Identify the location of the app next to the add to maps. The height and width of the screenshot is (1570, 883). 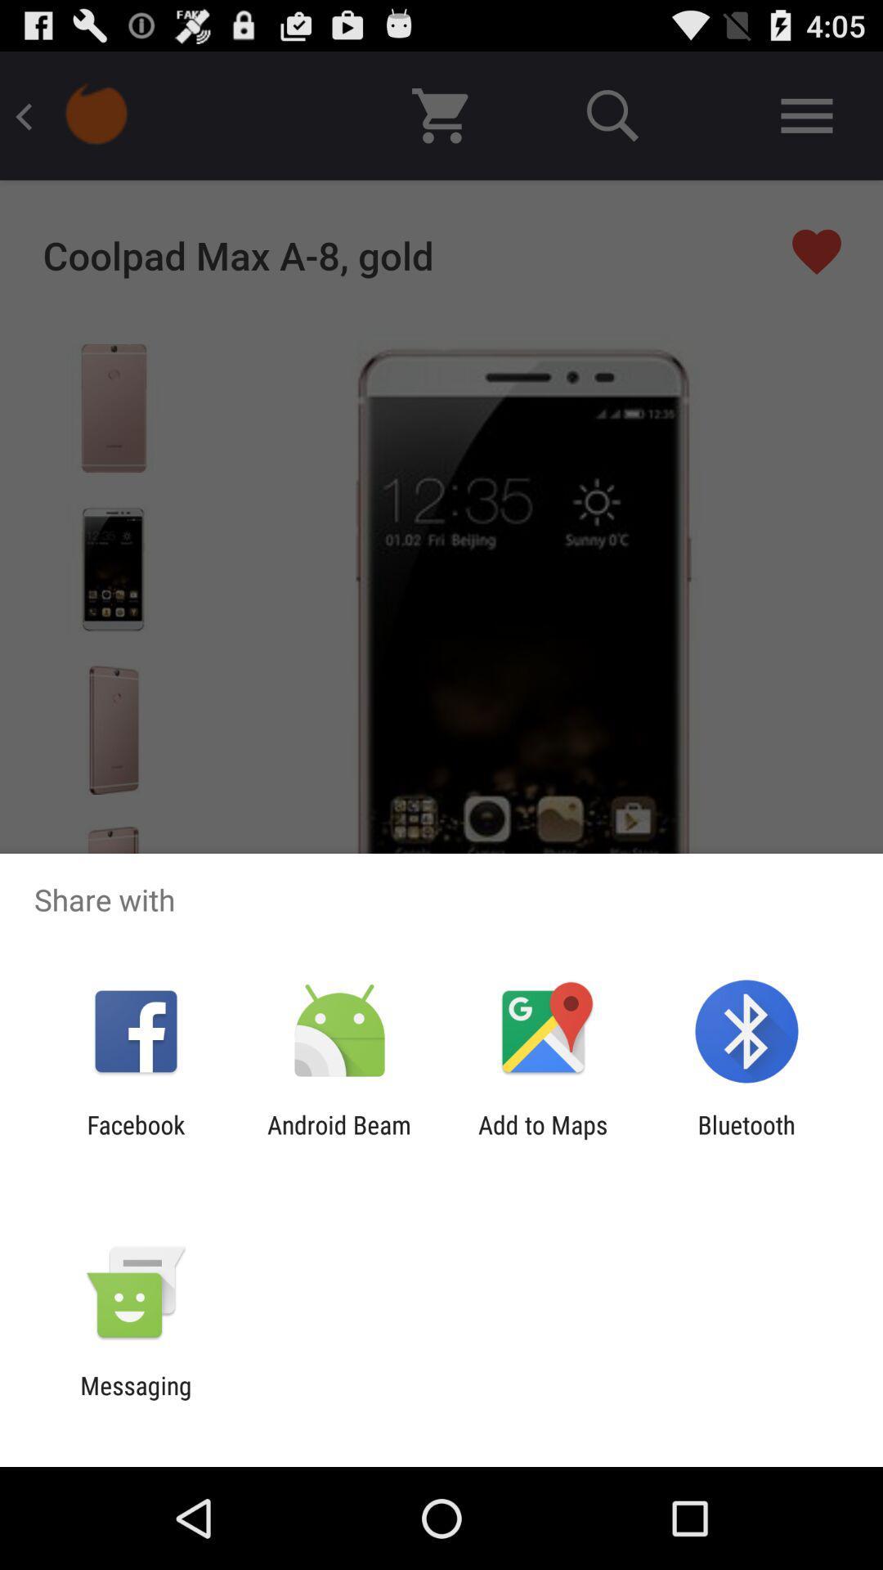
(746, 1138).